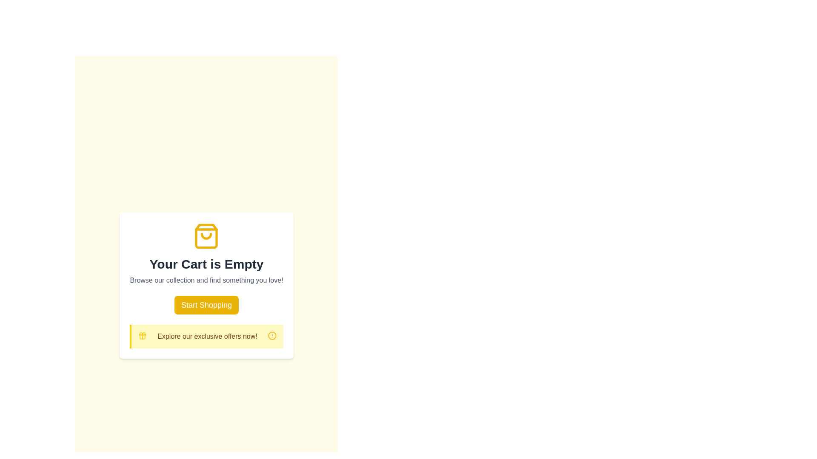 The width and height of the screenshot is (817, 459). Describe the element at coordinates (271, 335) in the screenshot. I see `the alert icon located at the bottom right of the 'Your Cart is Empty' card, which may display a tooltip or additional functionality` at that location.